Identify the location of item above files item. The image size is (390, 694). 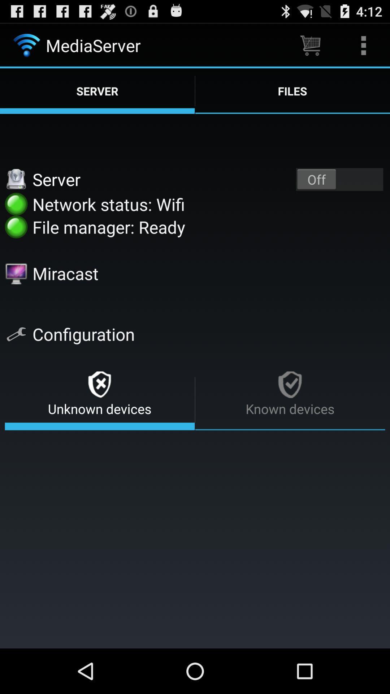
(310, 45).